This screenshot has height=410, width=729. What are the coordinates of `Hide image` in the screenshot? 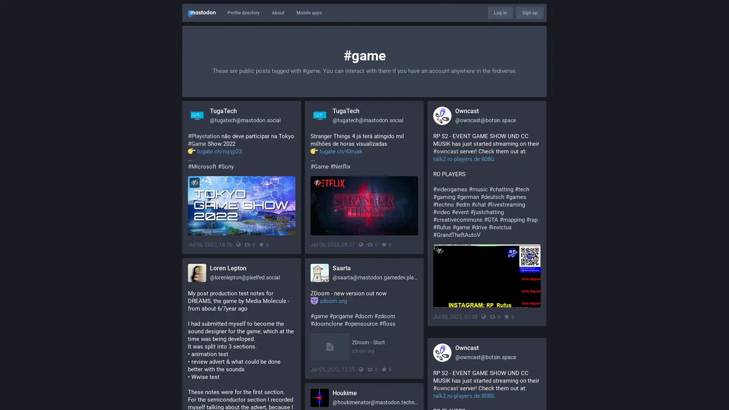 It's located at (194, 182).